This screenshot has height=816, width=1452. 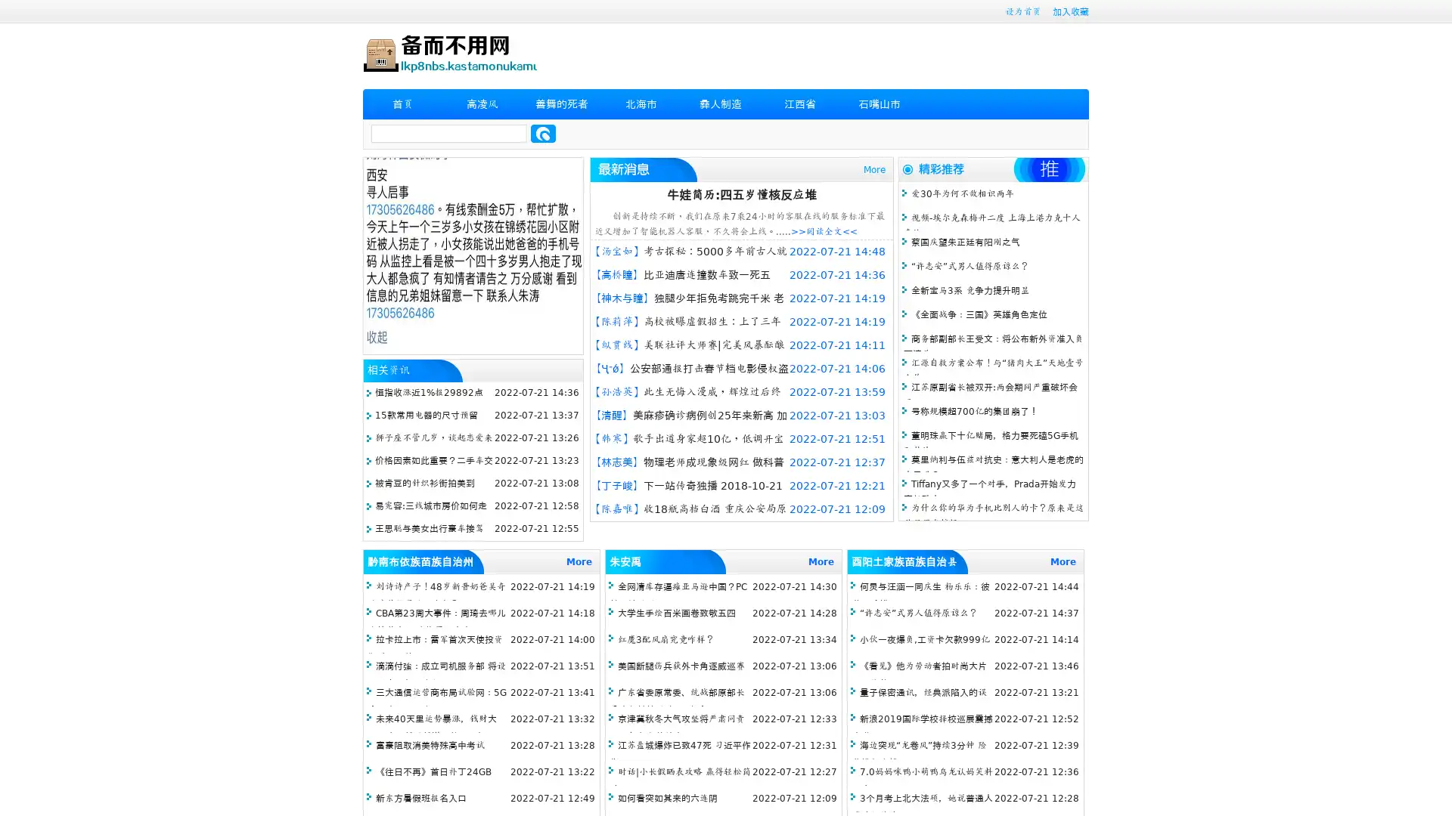 I want to click on Search, so click(x=543, y=133).